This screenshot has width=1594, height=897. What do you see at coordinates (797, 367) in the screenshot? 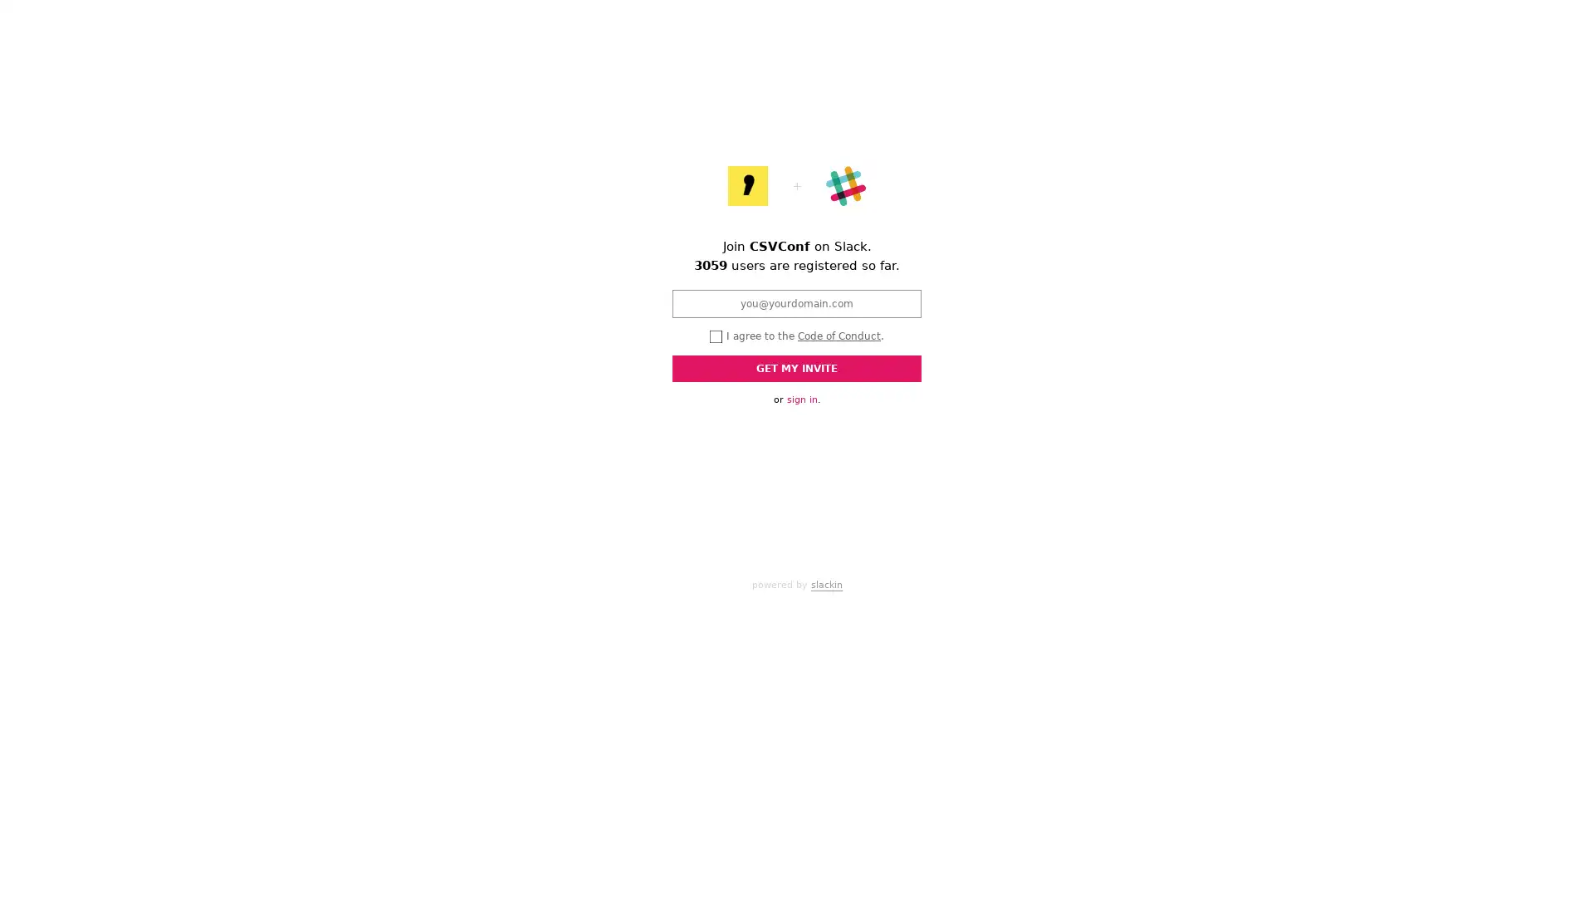
I see `GET MY INVITE` at bounding box center [797, 367].